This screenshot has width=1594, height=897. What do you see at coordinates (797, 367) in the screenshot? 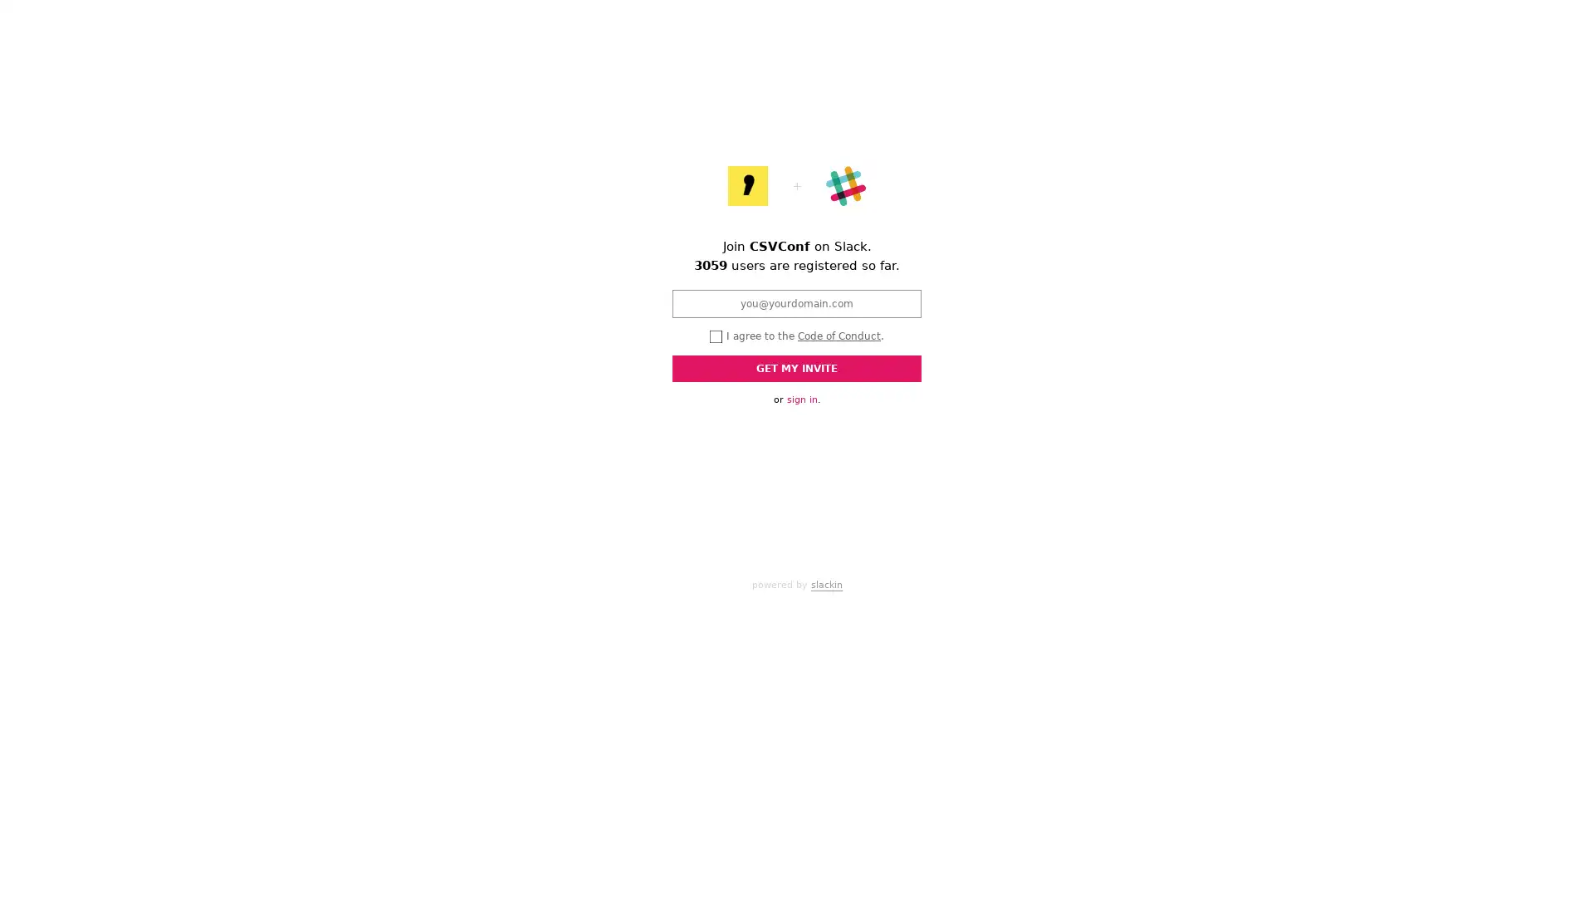
I see `GET MY INVITE` at bounding box center [797, 367].